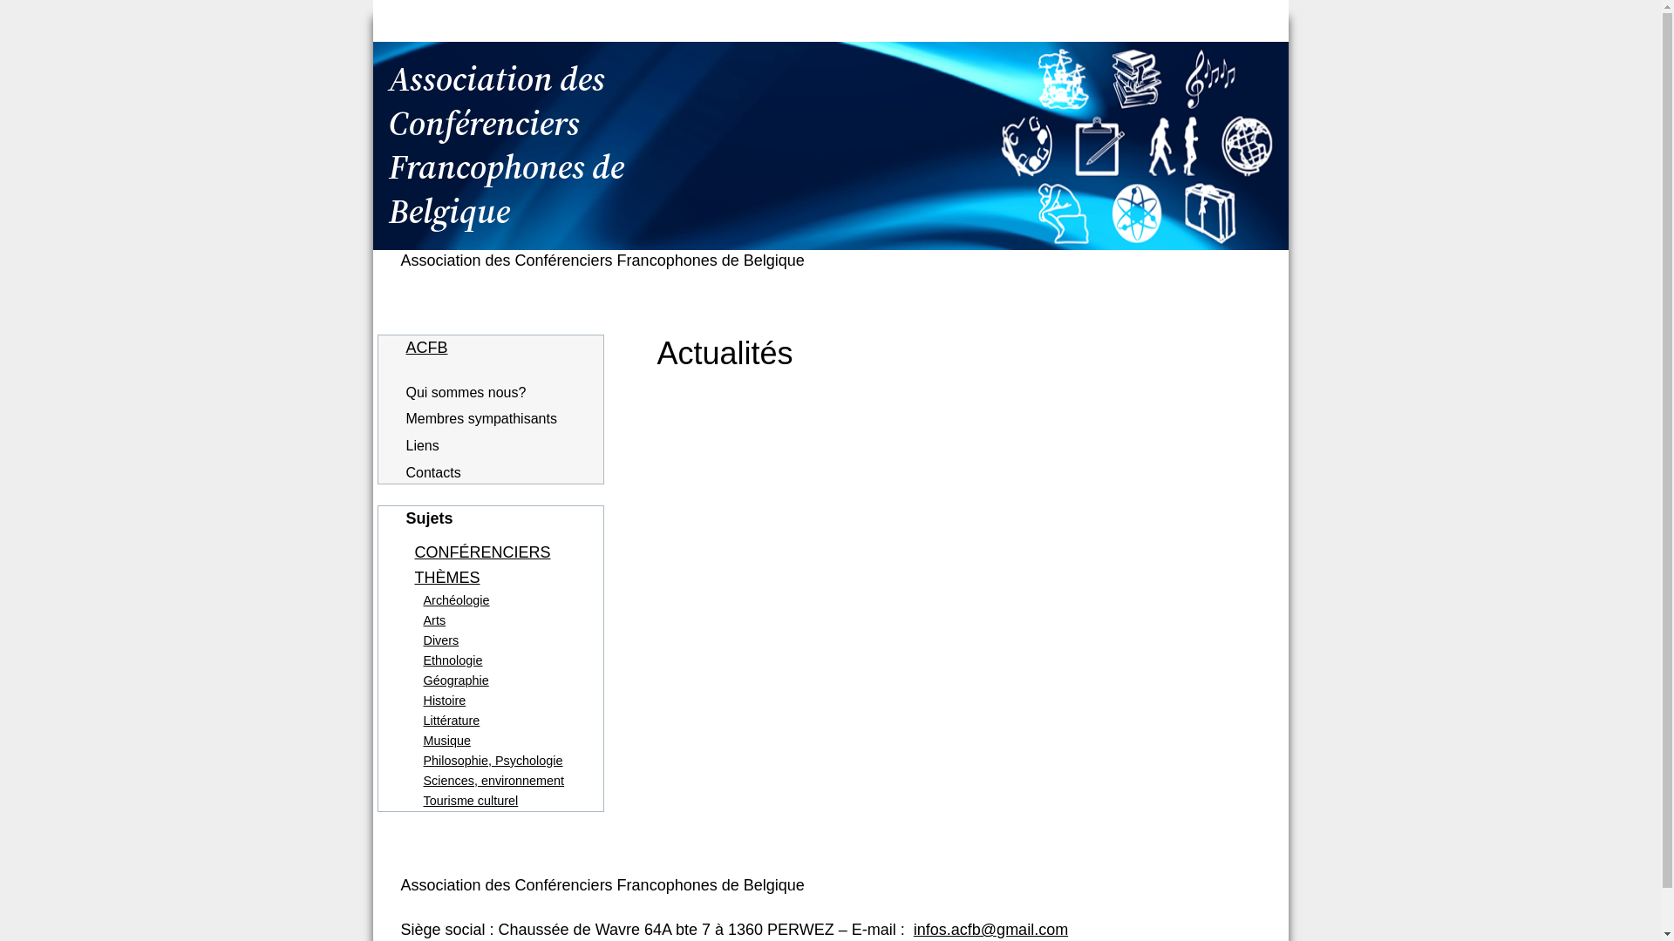 The width and height of the screenshot is (1674, 941). I want to click on 'Histoire', so click(445, 699).